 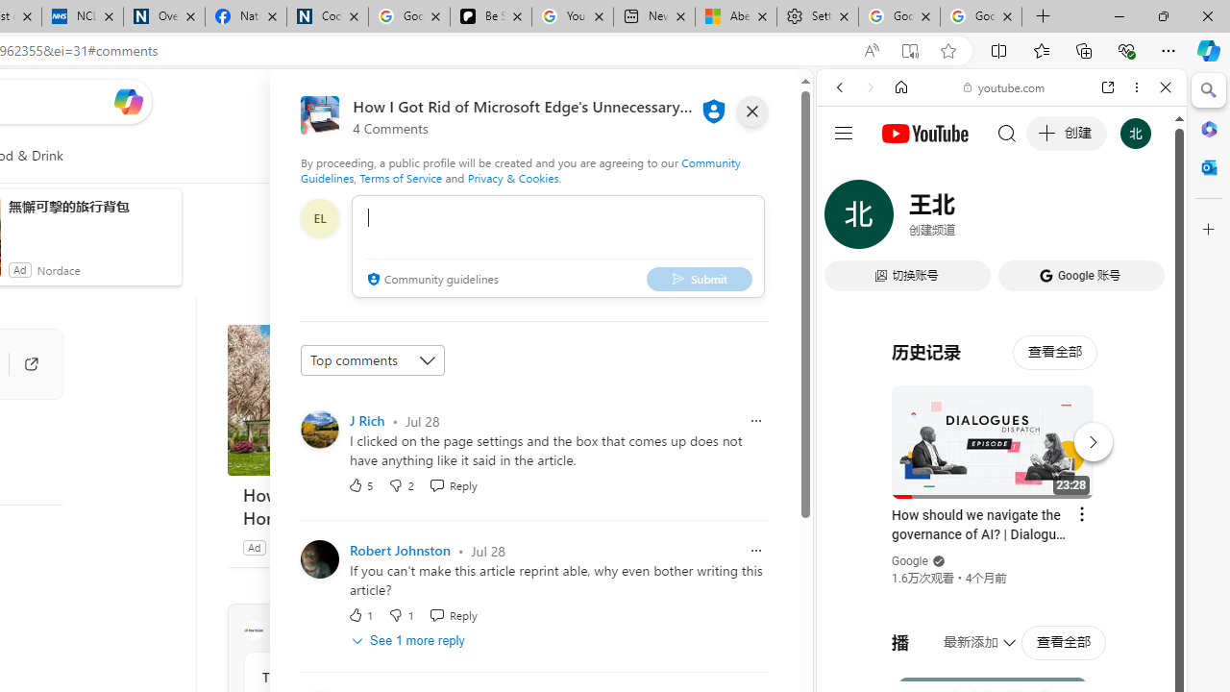 What do you see at coordinates (1208, 166) in the screenshot?
I see `'Close Outlook pane'` at bounding box center [1208, 166].